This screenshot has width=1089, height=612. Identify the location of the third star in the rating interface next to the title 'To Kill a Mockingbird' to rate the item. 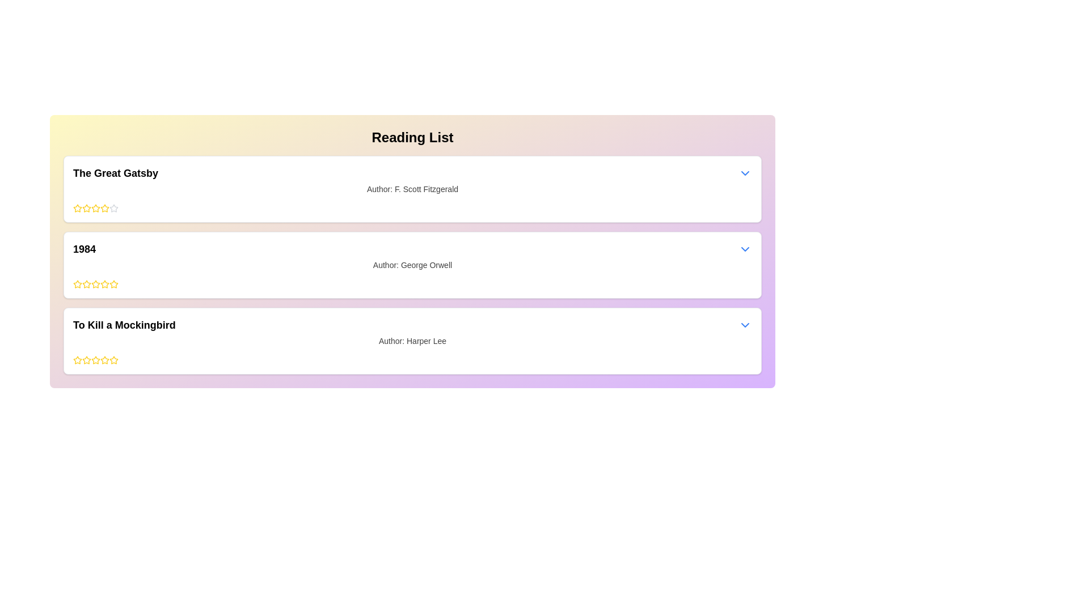
(95, 360).